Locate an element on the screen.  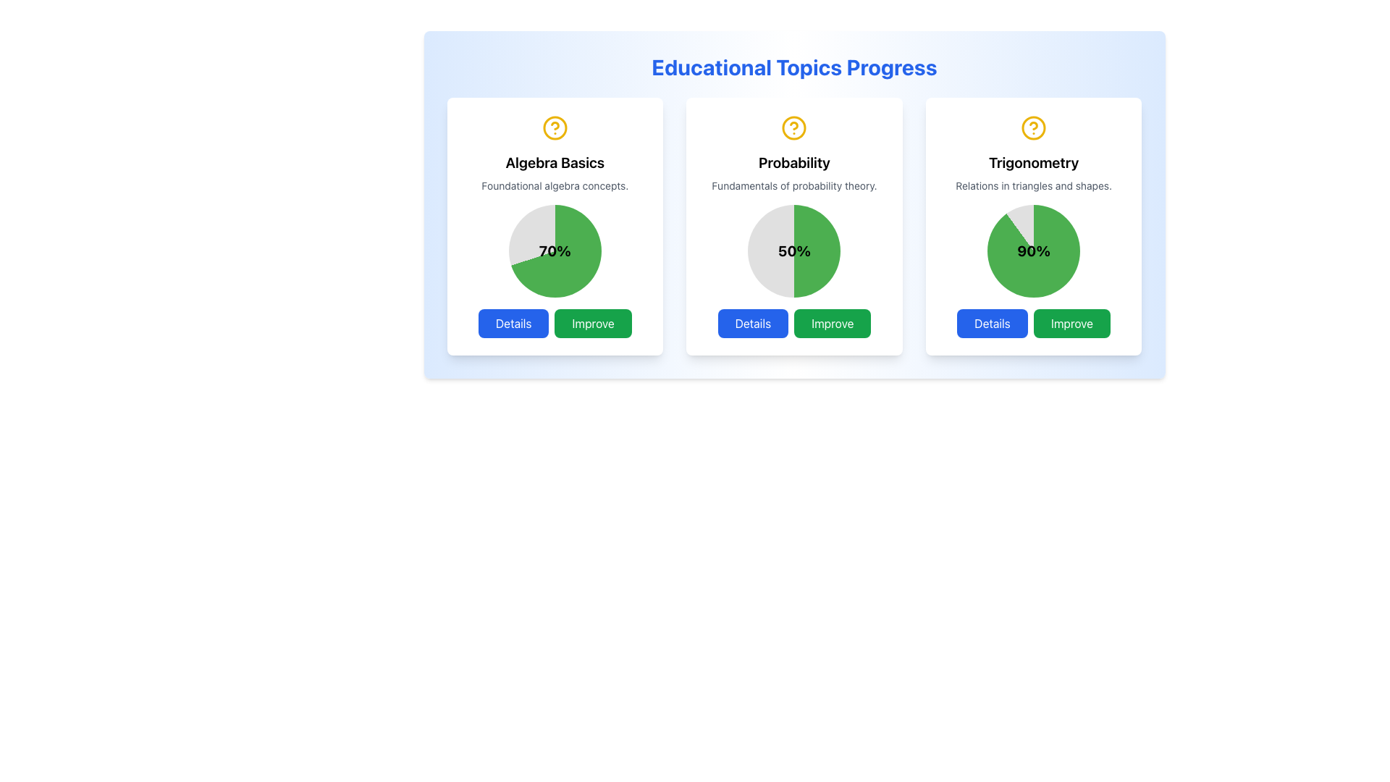
the green 'Improve' button with rounded corners, labeled 'Improve' is located at coordinates (593, 323).